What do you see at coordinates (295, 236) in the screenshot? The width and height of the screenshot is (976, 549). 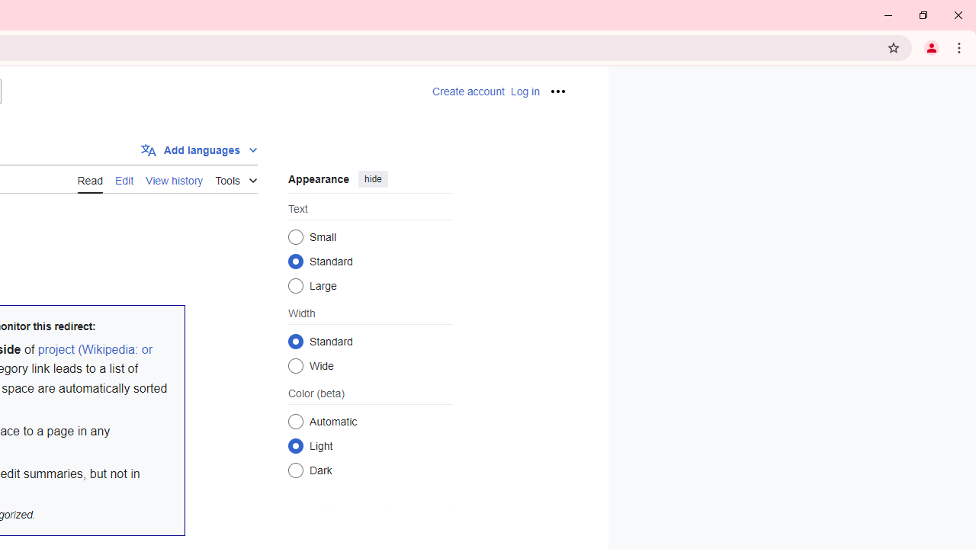 I see `'Small'` at bounding box center [295, 236].